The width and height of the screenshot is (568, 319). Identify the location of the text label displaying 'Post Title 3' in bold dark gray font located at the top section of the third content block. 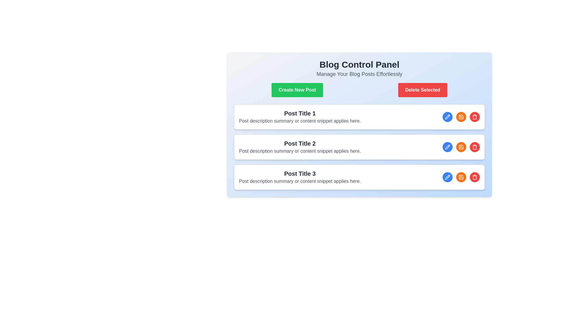
(300, 173).